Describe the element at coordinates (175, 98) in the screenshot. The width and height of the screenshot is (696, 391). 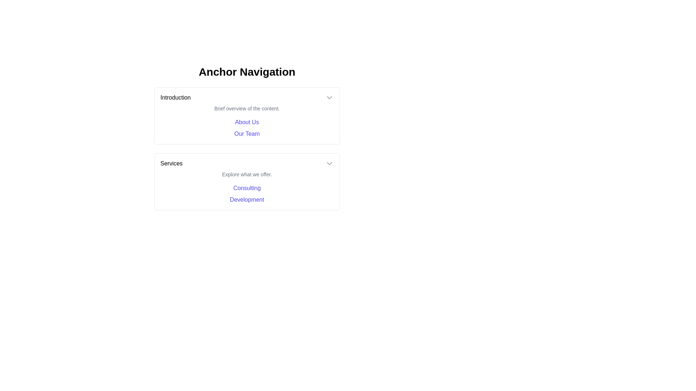
I see `the text heading labeled 'Introduction' at the top-left of the 'Anchor Navigation' section` at that location.